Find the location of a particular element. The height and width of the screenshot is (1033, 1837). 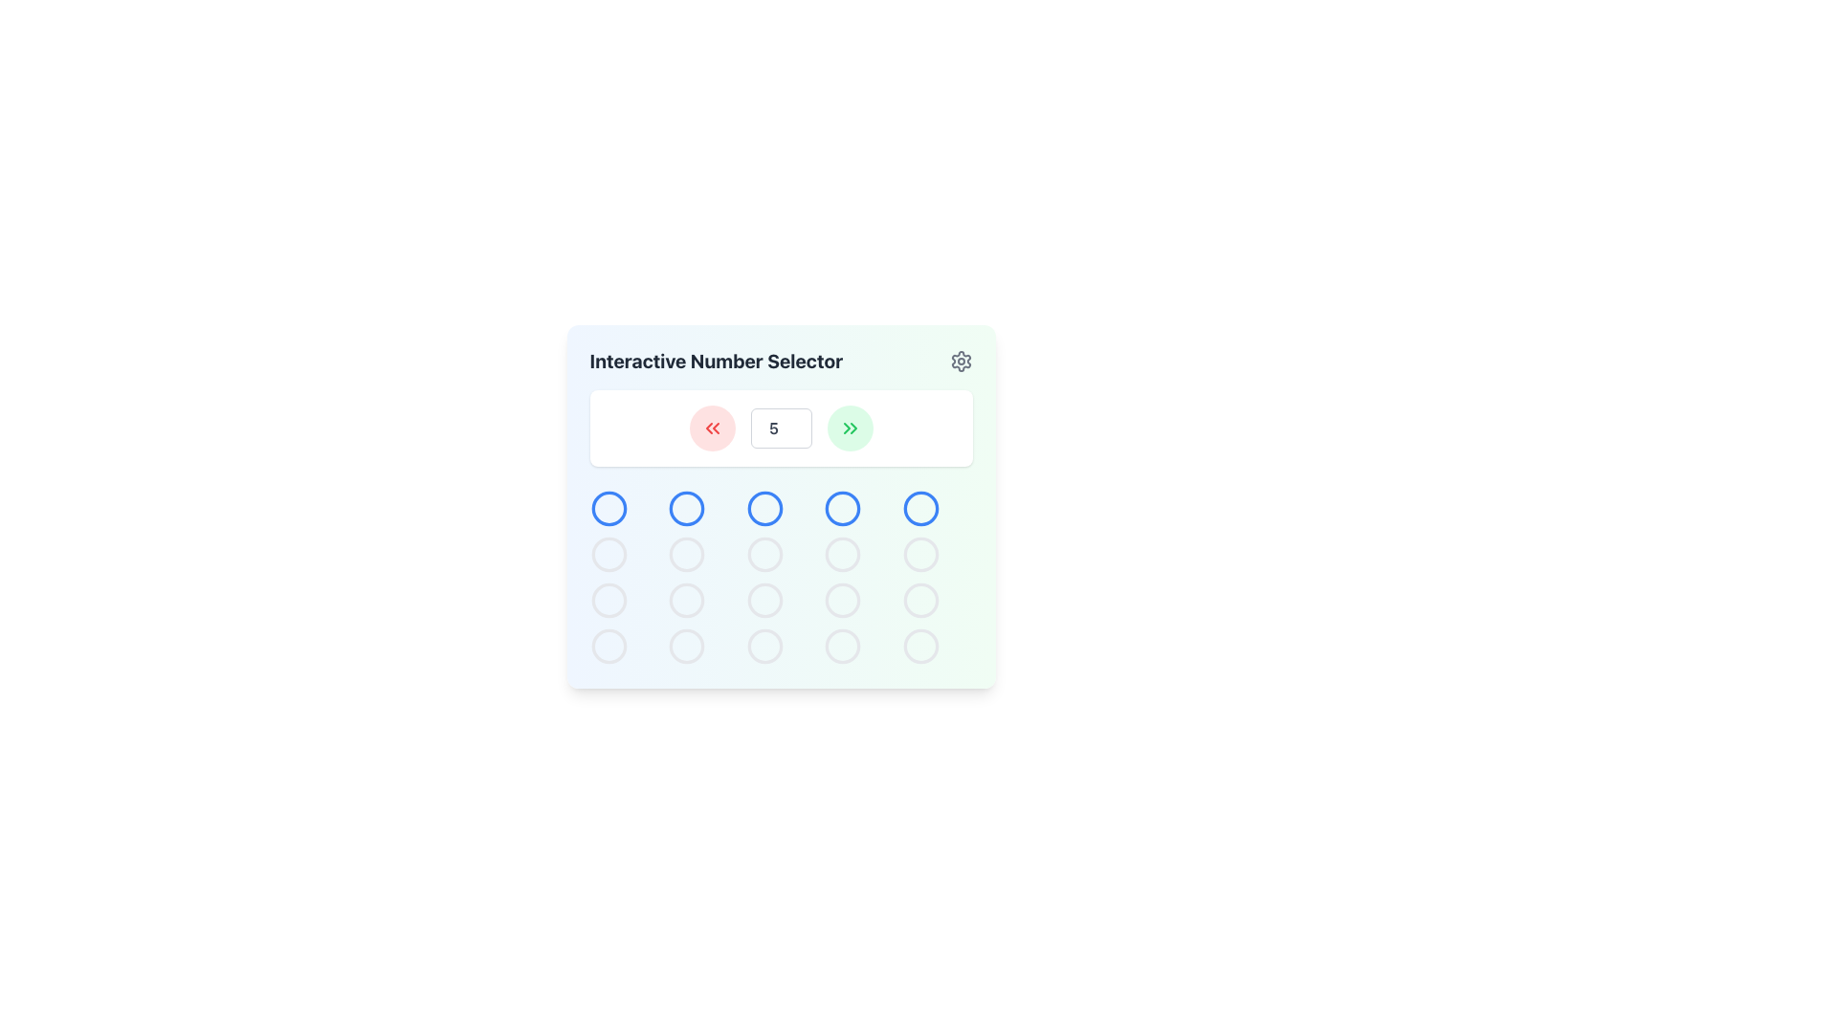

the sixth circular grid item in the second row, which is a placeholder for an unactivated state is located at coordinates (608, 554).